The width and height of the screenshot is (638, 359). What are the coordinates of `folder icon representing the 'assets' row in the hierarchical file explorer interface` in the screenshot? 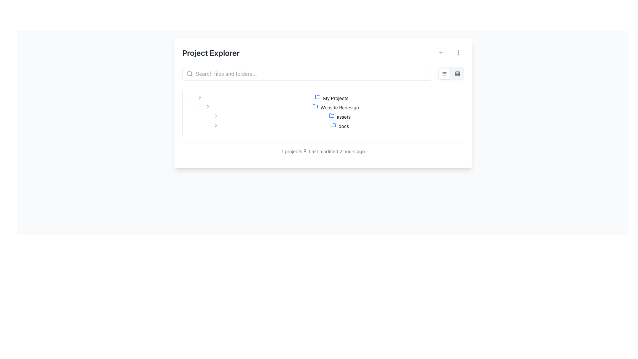 It's located at (333, 116).